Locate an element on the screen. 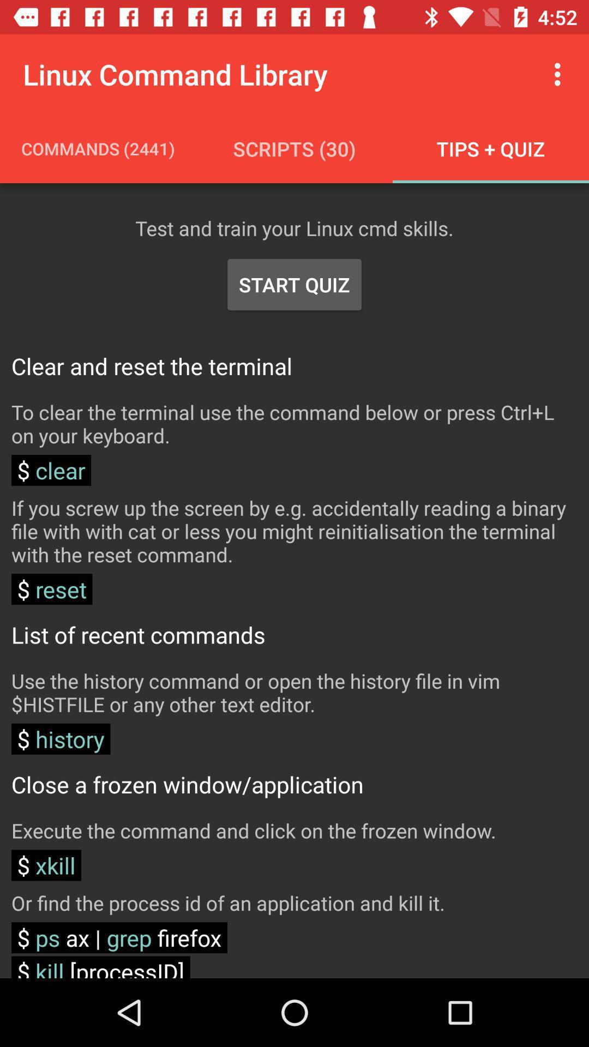 This screenshot has height=1047, width=589. the text clear is located at coordinates (51, 470).